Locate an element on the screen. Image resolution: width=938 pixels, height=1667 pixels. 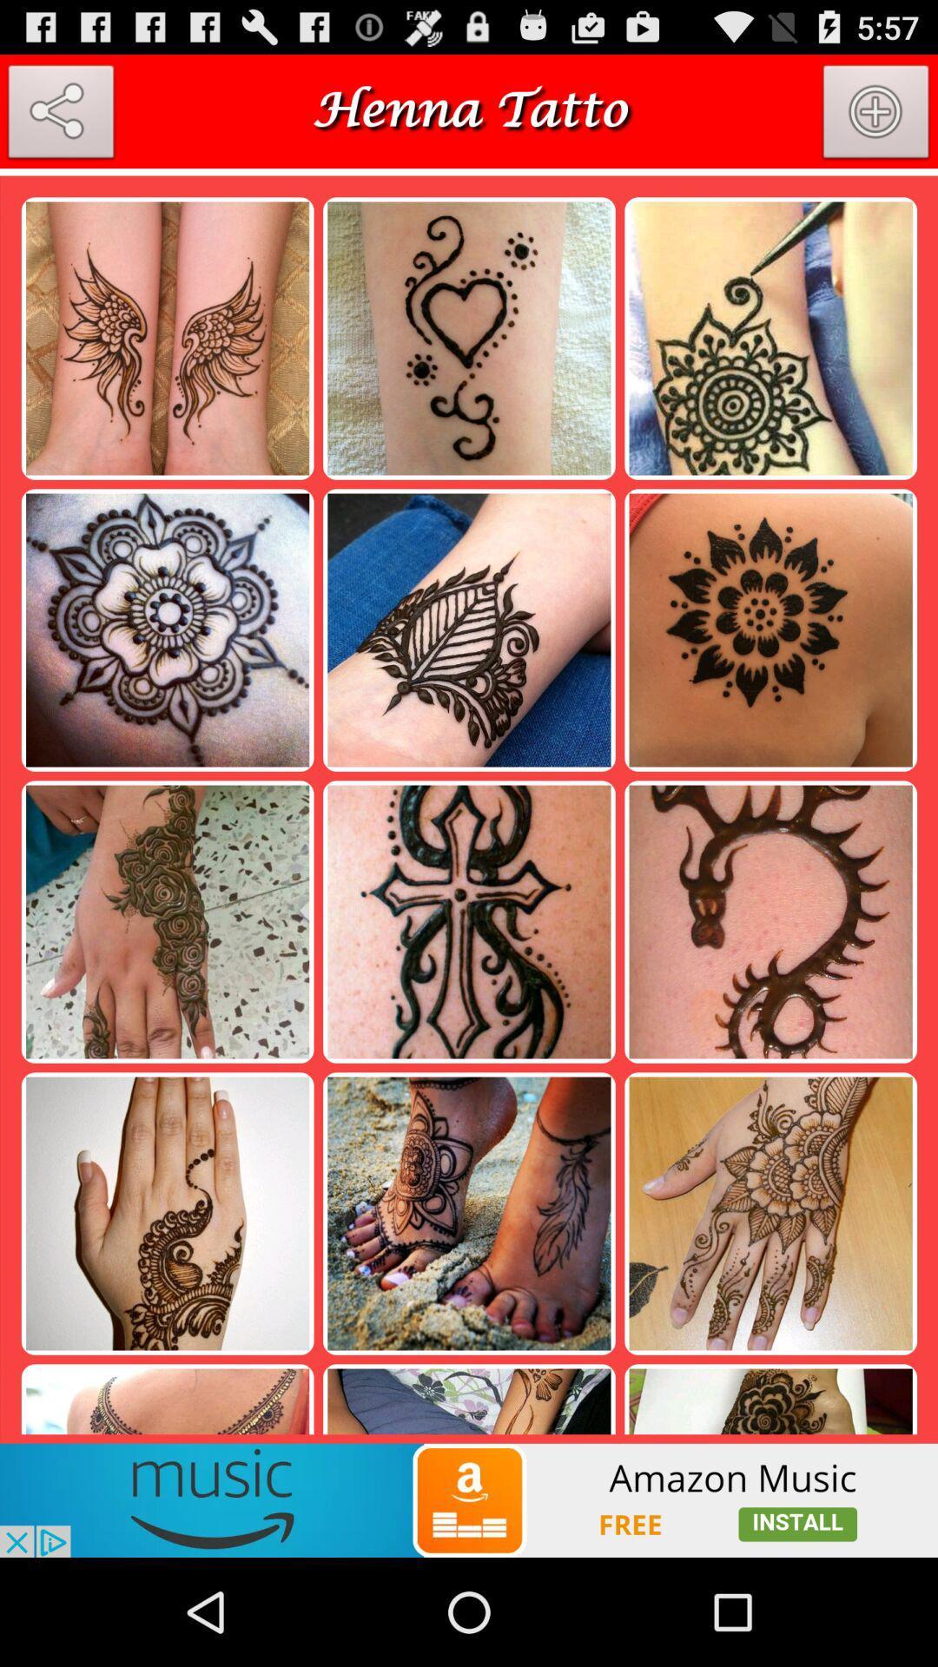
share images is located at coordinates (60, 115).